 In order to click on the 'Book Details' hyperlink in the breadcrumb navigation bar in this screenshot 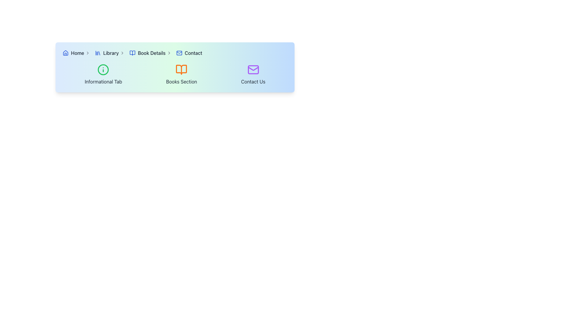, I will do `click(152, 52)`.